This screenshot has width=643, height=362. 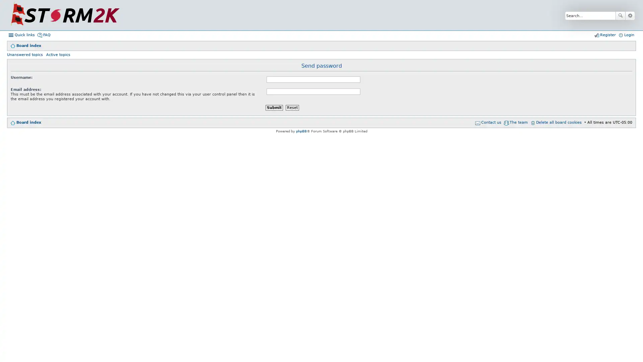 What do you see at coordinates (292, 107) in the screenshot?
I see `Reset` at bounding box center [292, 107].